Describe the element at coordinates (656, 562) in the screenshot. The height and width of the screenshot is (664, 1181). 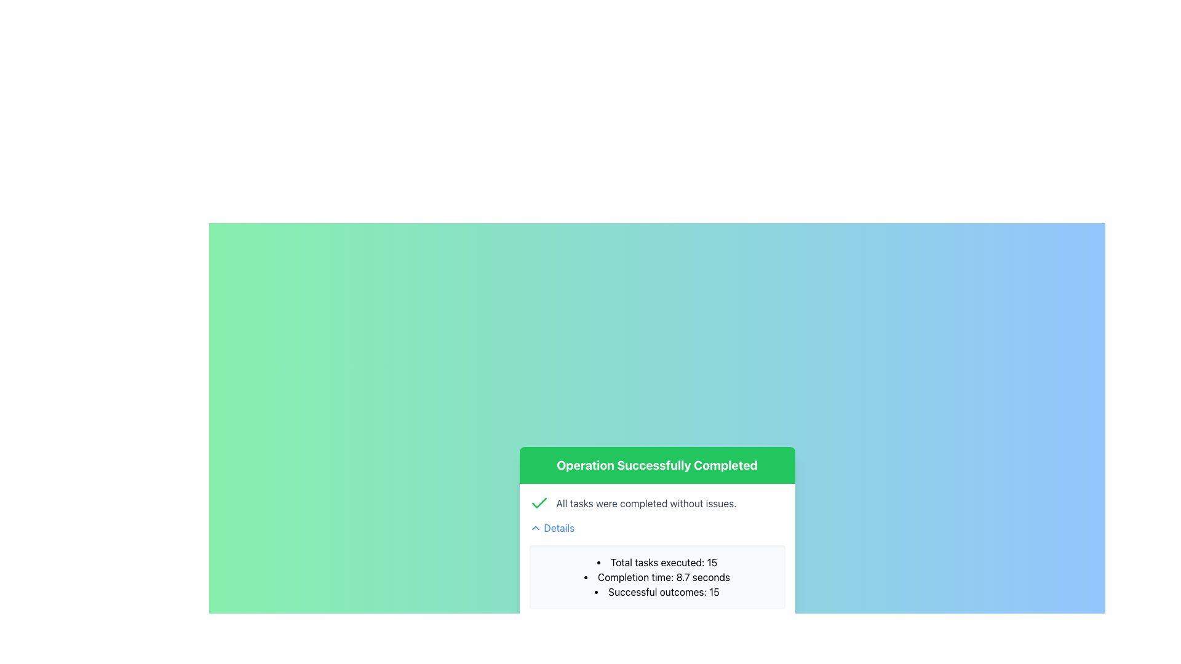
I see `the static text element that reads 'Total tasks executed: 15', which is the first item in the list under the header 'Operation Successfully Completed'` at that location.